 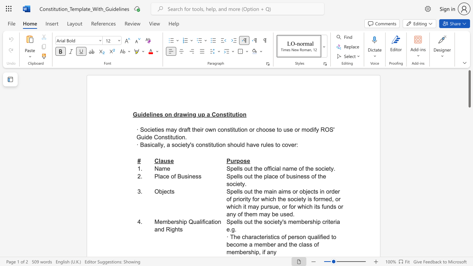 I want to click on the scrollbar on the side, so click(x=469, y=248).